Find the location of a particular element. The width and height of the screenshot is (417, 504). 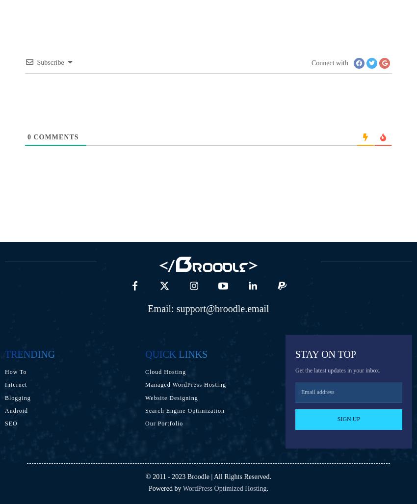

'Sign up' is located at coordinates (348, 419).